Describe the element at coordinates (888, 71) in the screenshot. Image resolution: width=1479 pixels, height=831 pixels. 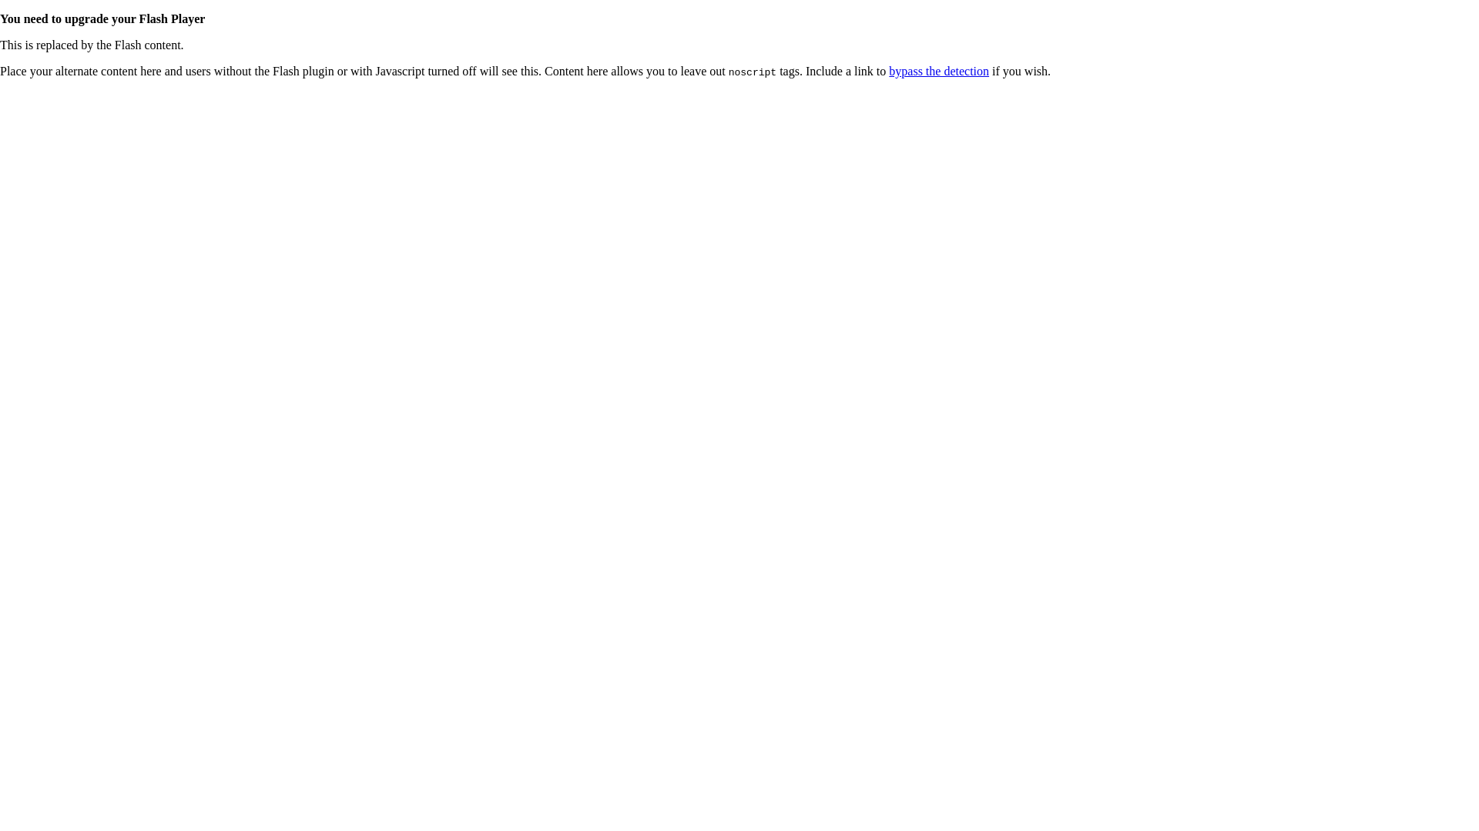
I see `'bypass the detection'` at that location.